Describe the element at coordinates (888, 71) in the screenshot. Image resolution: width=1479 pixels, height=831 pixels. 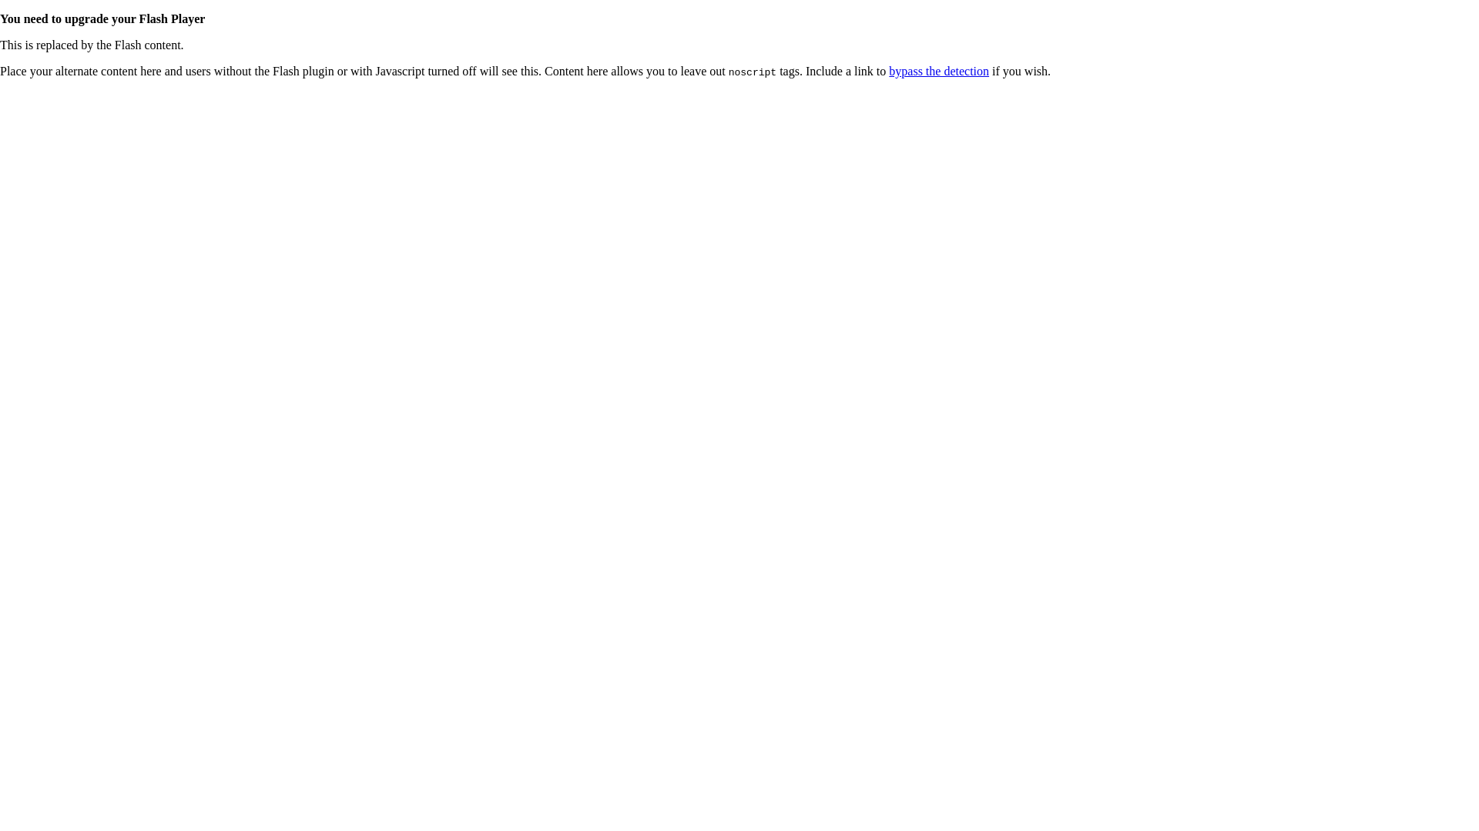
I see `'bypass the detection'` at that location.